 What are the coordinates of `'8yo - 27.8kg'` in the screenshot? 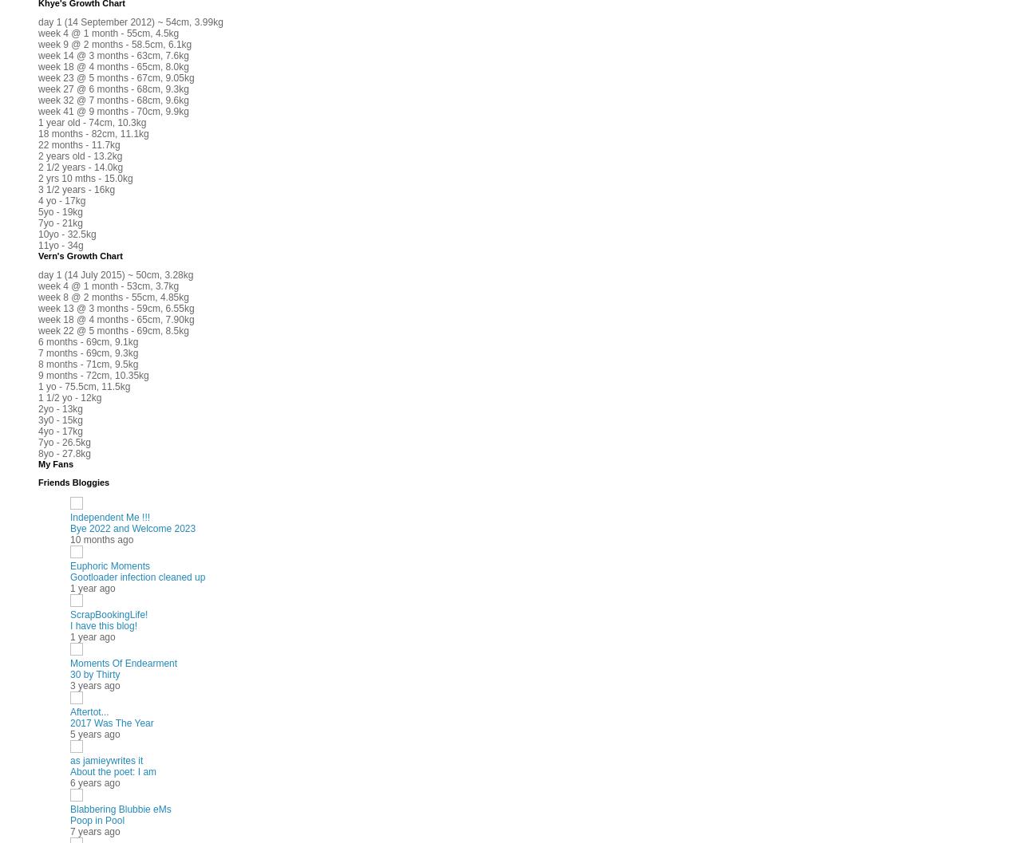 It's located at (64, 452).